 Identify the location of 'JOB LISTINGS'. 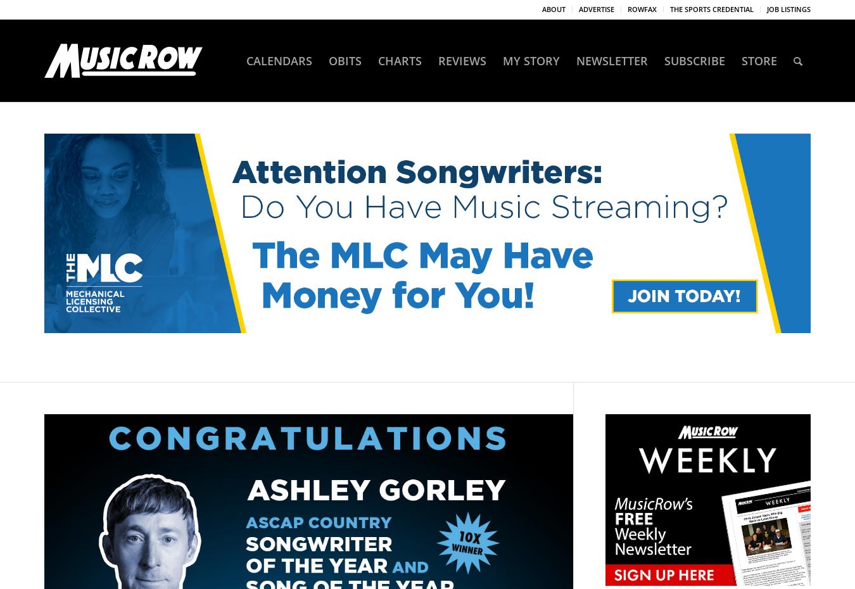
(788, 8).